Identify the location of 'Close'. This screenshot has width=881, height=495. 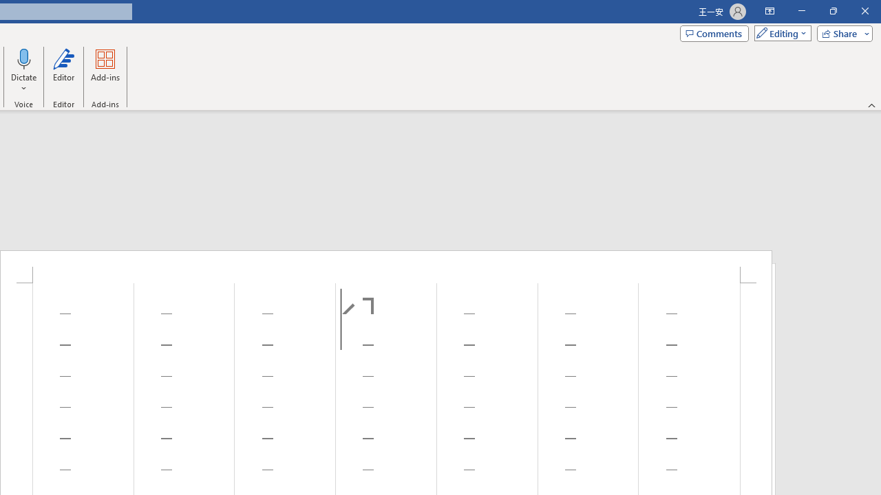
(864, 11).